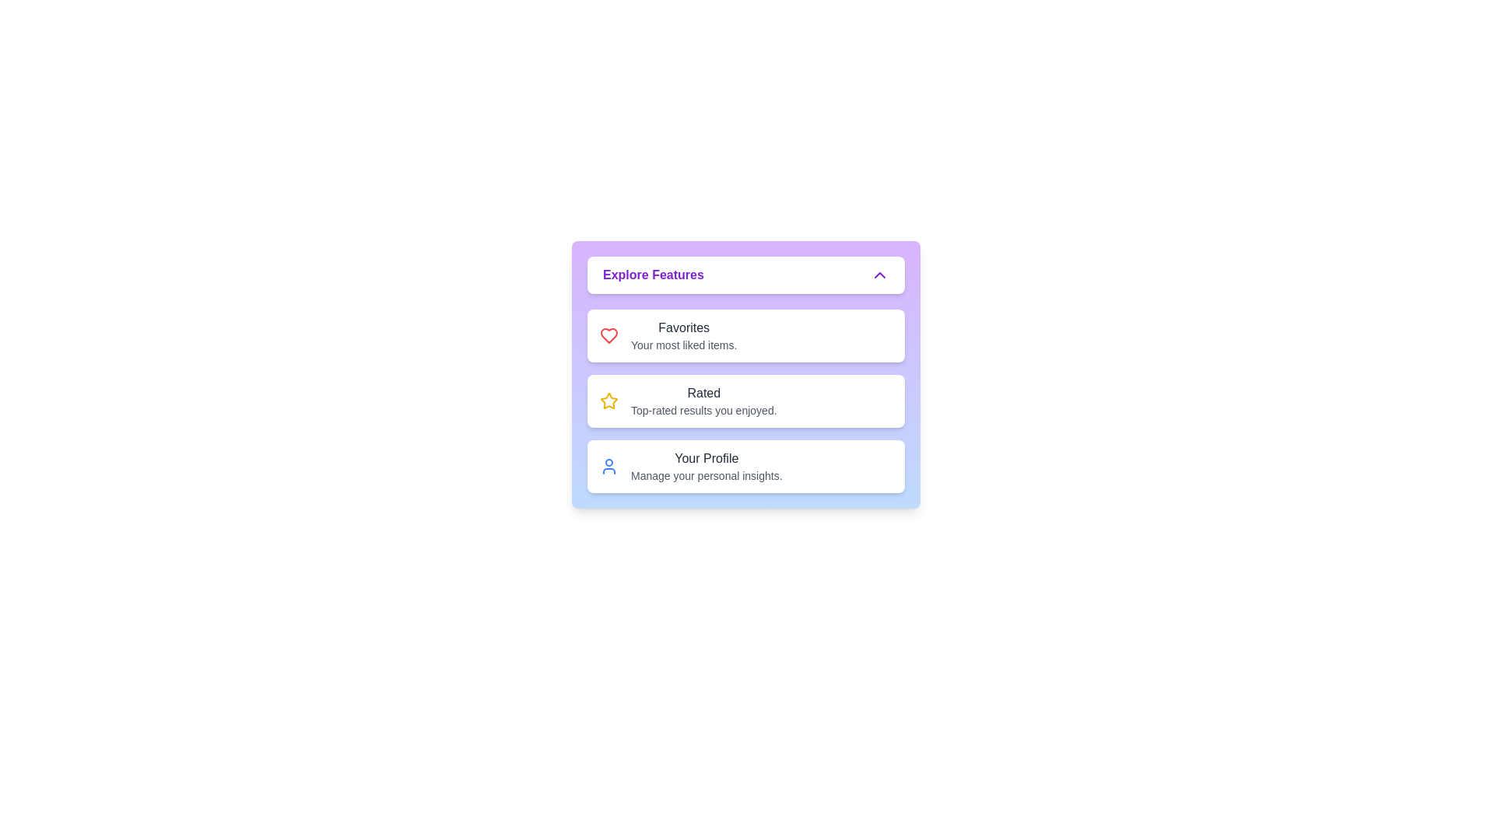 The width and height of the screenshot is (1494, 840). What do you see at coordinates (703, 410) in the screenshot?
I see `the supplementary description text label located below the 'Rated' heading, which provides additional context for the 'Rated' category` at bounding box center [703, 410].